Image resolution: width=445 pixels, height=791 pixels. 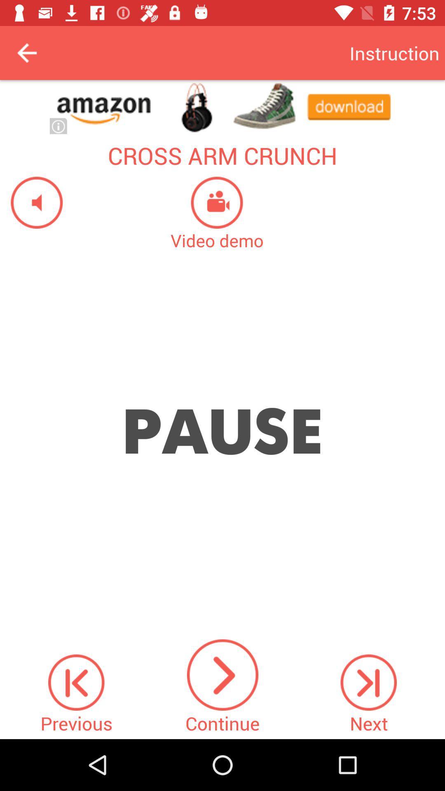 What do you see at coordinates (31, 202) in the screenshot?
I see `sound` at bounding box center [31, 202].